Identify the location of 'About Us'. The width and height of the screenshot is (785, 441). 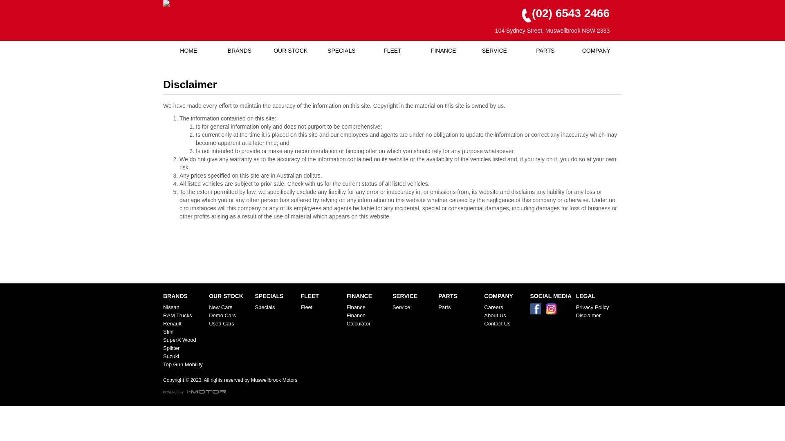
(505, 315).